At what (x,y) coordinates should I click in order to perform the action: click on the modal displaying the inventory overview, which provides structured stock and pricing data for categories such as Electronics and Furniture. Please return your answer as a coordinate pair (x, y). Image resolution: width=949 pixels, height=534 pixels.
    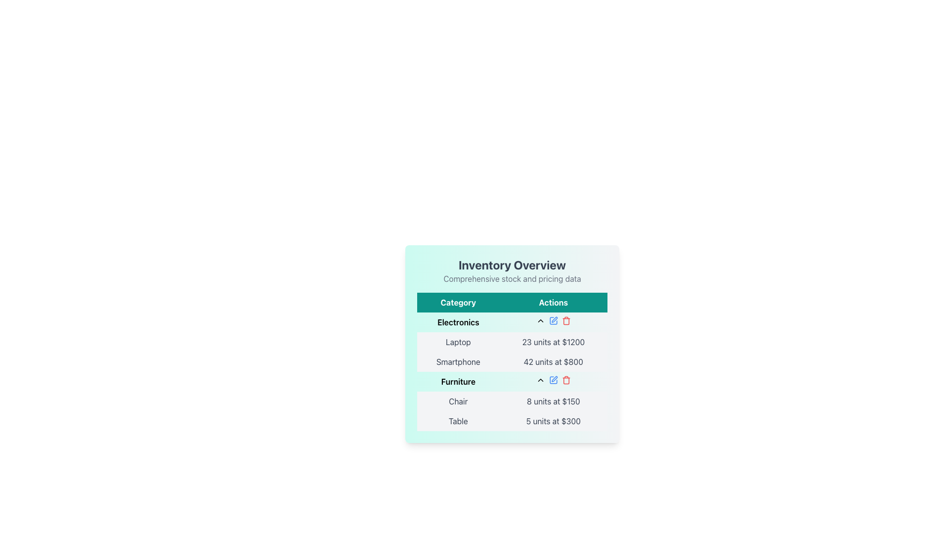
    Looking at the image, I should click on (512, 354).